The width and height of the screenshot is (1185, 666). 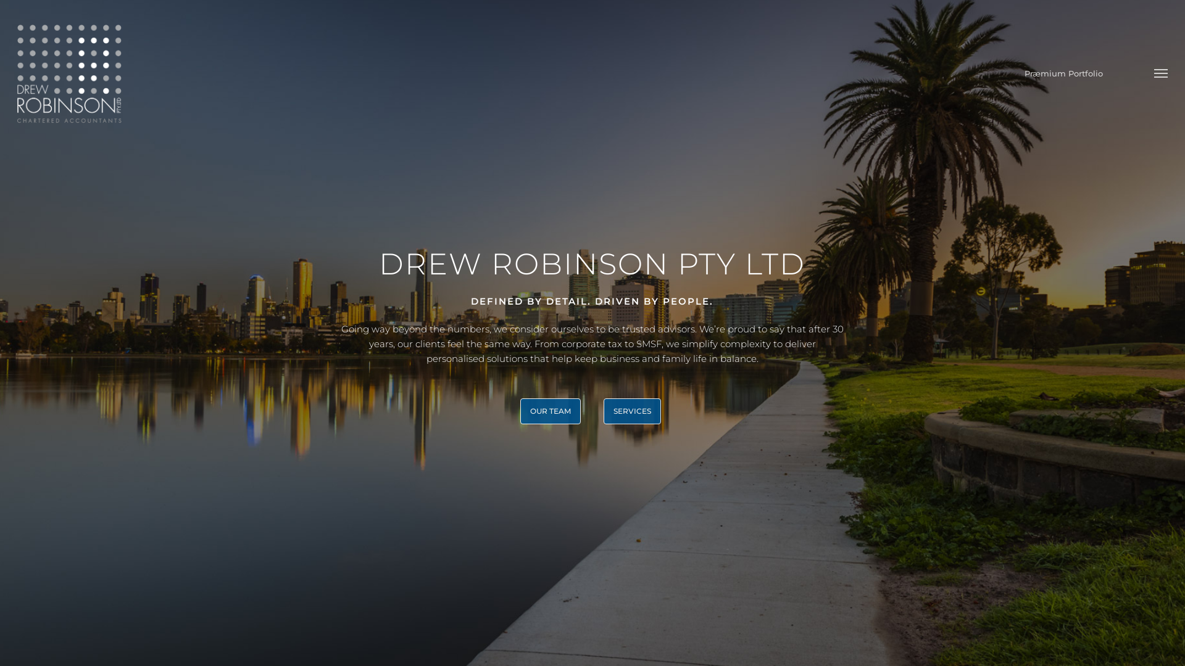 I want to click on 'OUR TEAM', so click(x=550, y=411).